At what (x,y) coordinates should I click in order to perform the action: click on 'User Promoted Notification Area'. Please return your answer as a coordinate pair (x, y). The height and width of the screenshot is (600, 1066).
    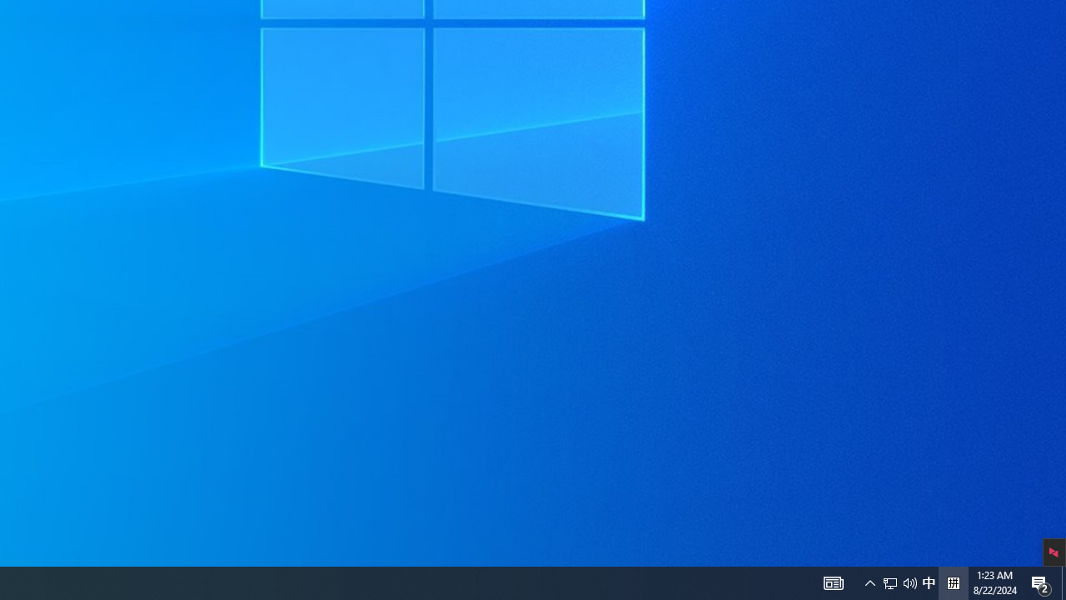
    Looking at the image, I should click on (899, 582).